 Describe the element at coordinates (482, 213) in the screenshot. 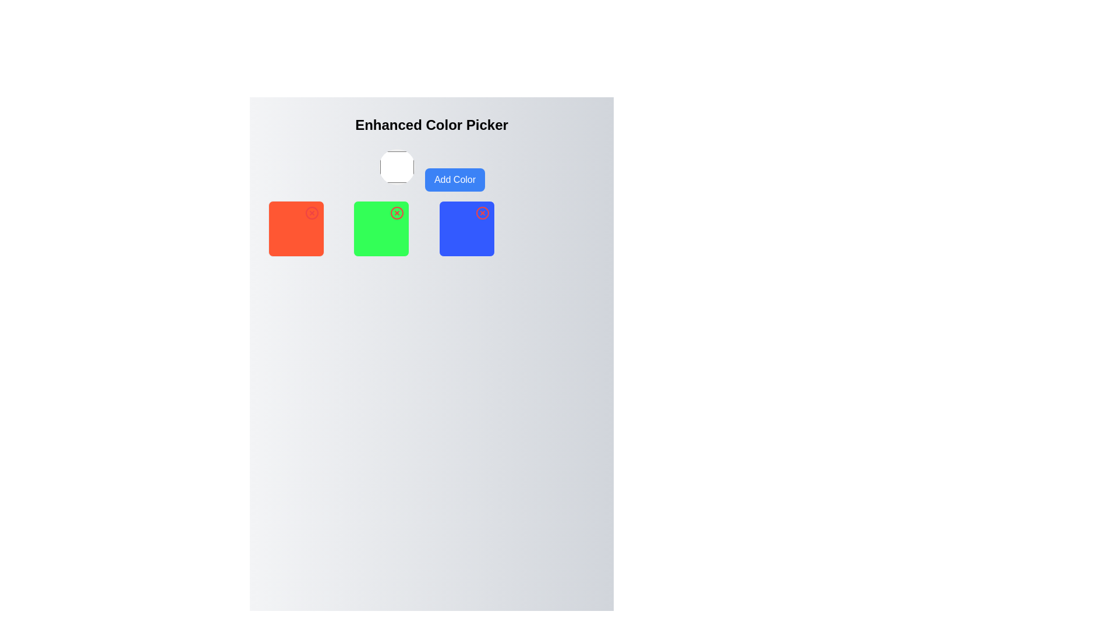

I see `the delete button located on the top right corner of the blue square item in the color selector panel` at that location.